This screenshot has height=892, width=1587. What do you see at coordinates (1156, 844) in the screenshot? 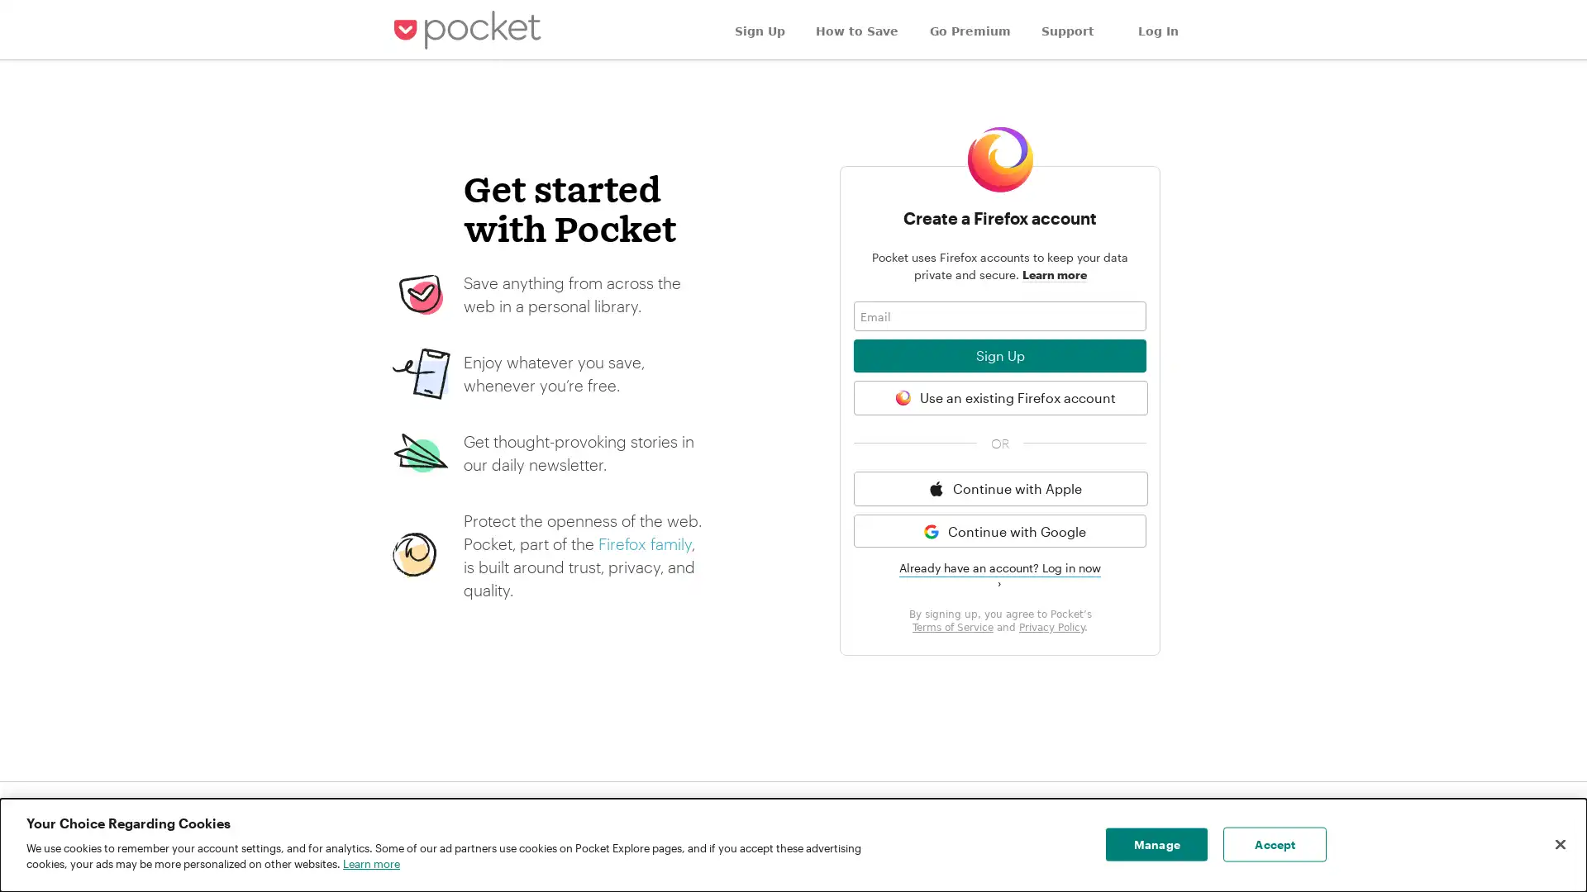
I see `Manage` at bounding box center [1156, 844].